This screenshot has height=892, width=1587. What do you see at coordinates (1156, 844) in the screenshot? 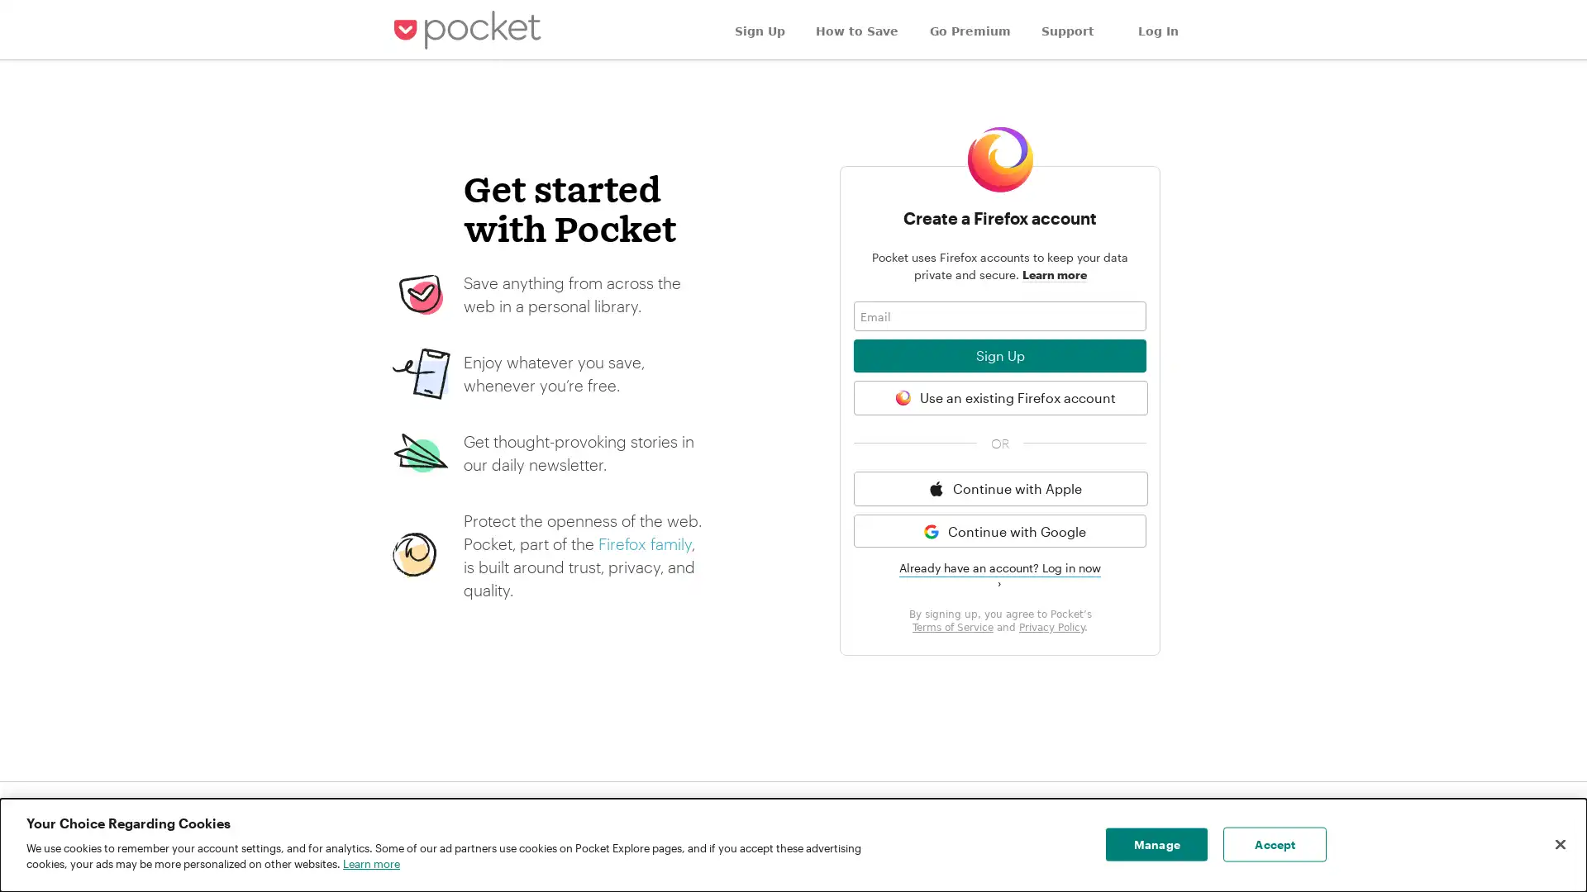
I see `Manage` at bounding box center [1156, 844].